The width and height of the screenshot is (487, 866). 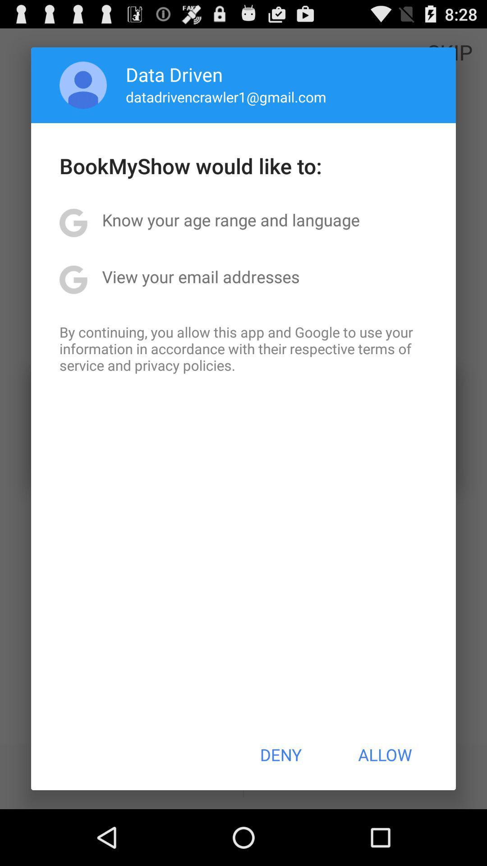 What do you see at coordinates (174, 74) in the screenshot?
I see `data driven app` at bounding box center [174, 74].